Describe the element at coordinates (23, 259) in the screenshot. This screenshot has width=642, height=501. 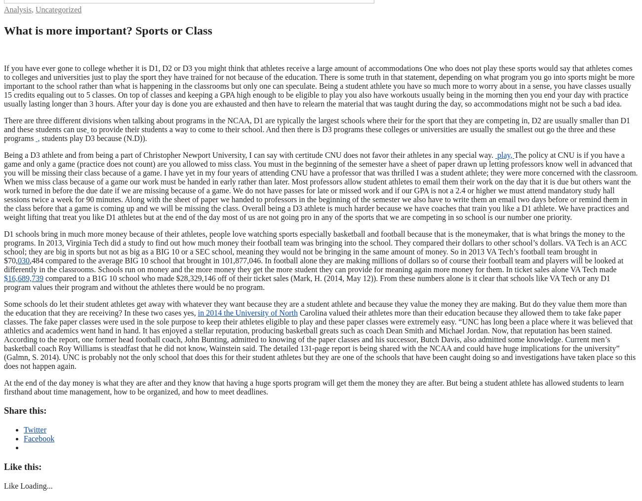
I see `'030'` at that location.